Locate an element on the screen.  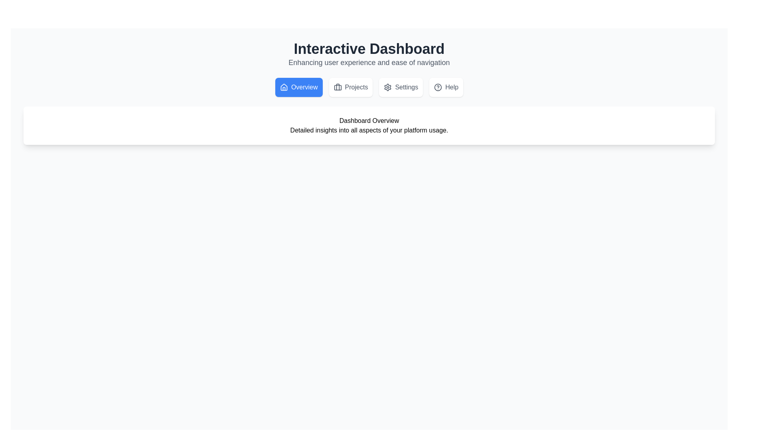
the SVG Icon resembling a briefcase adjacent to the 'Projects' button is located at coordinates (338, 87).